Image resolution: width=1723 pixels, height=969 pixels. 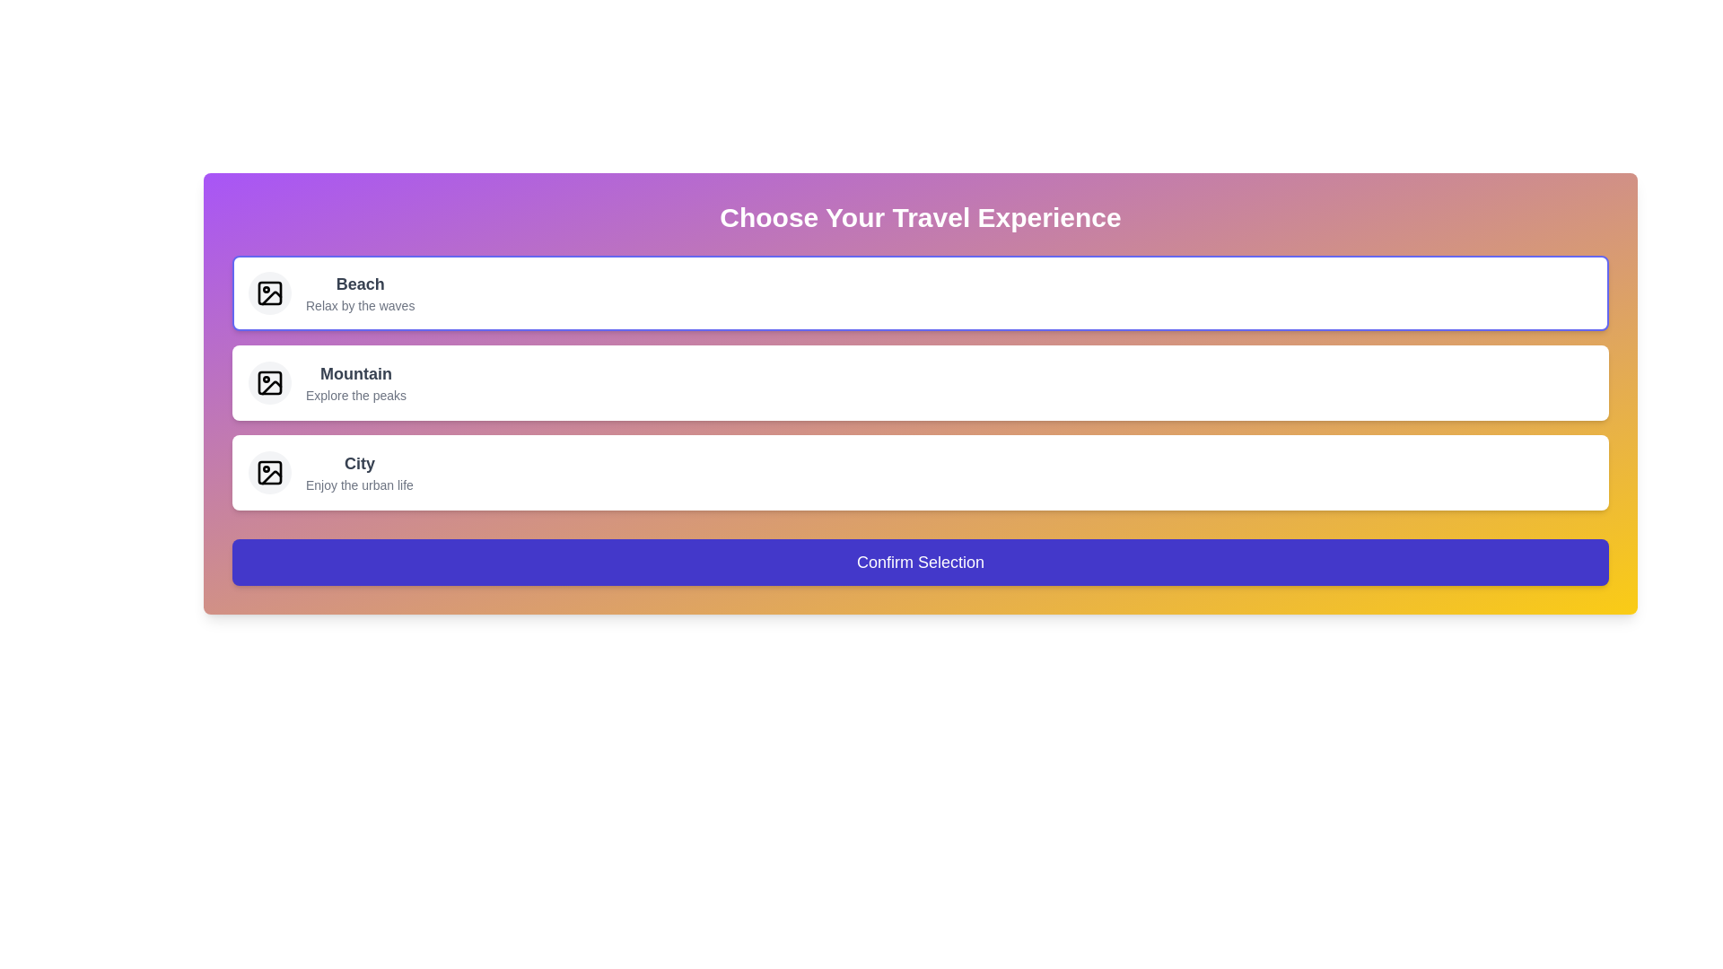 I want to click on the rounded rectangle graphical component associated with the list item titled 'City: Enjoy the urban life.', so click(x=269, y=472).